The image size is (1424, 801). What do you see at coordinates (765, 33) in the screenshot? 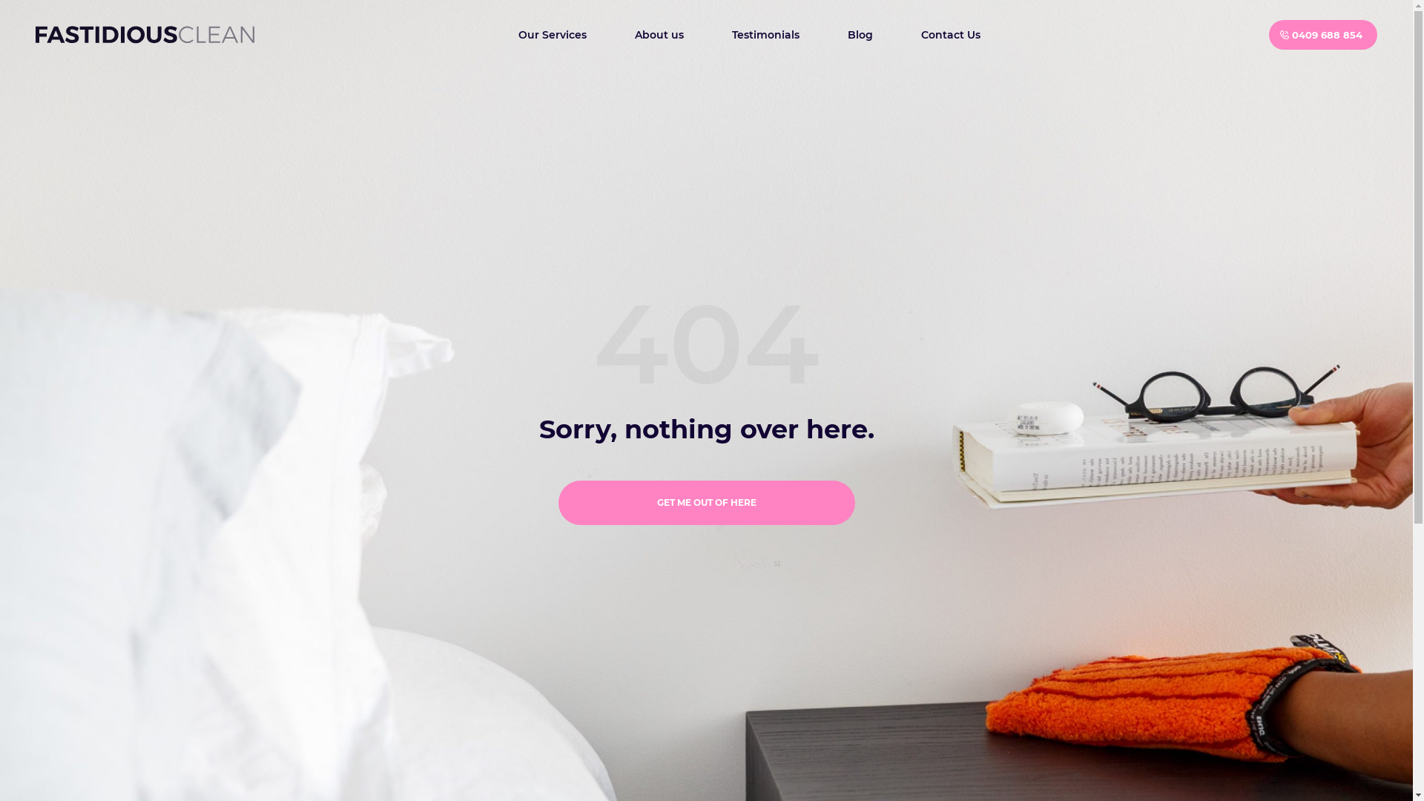
I see `'Testimonials'` at bounding box center [765, 33].